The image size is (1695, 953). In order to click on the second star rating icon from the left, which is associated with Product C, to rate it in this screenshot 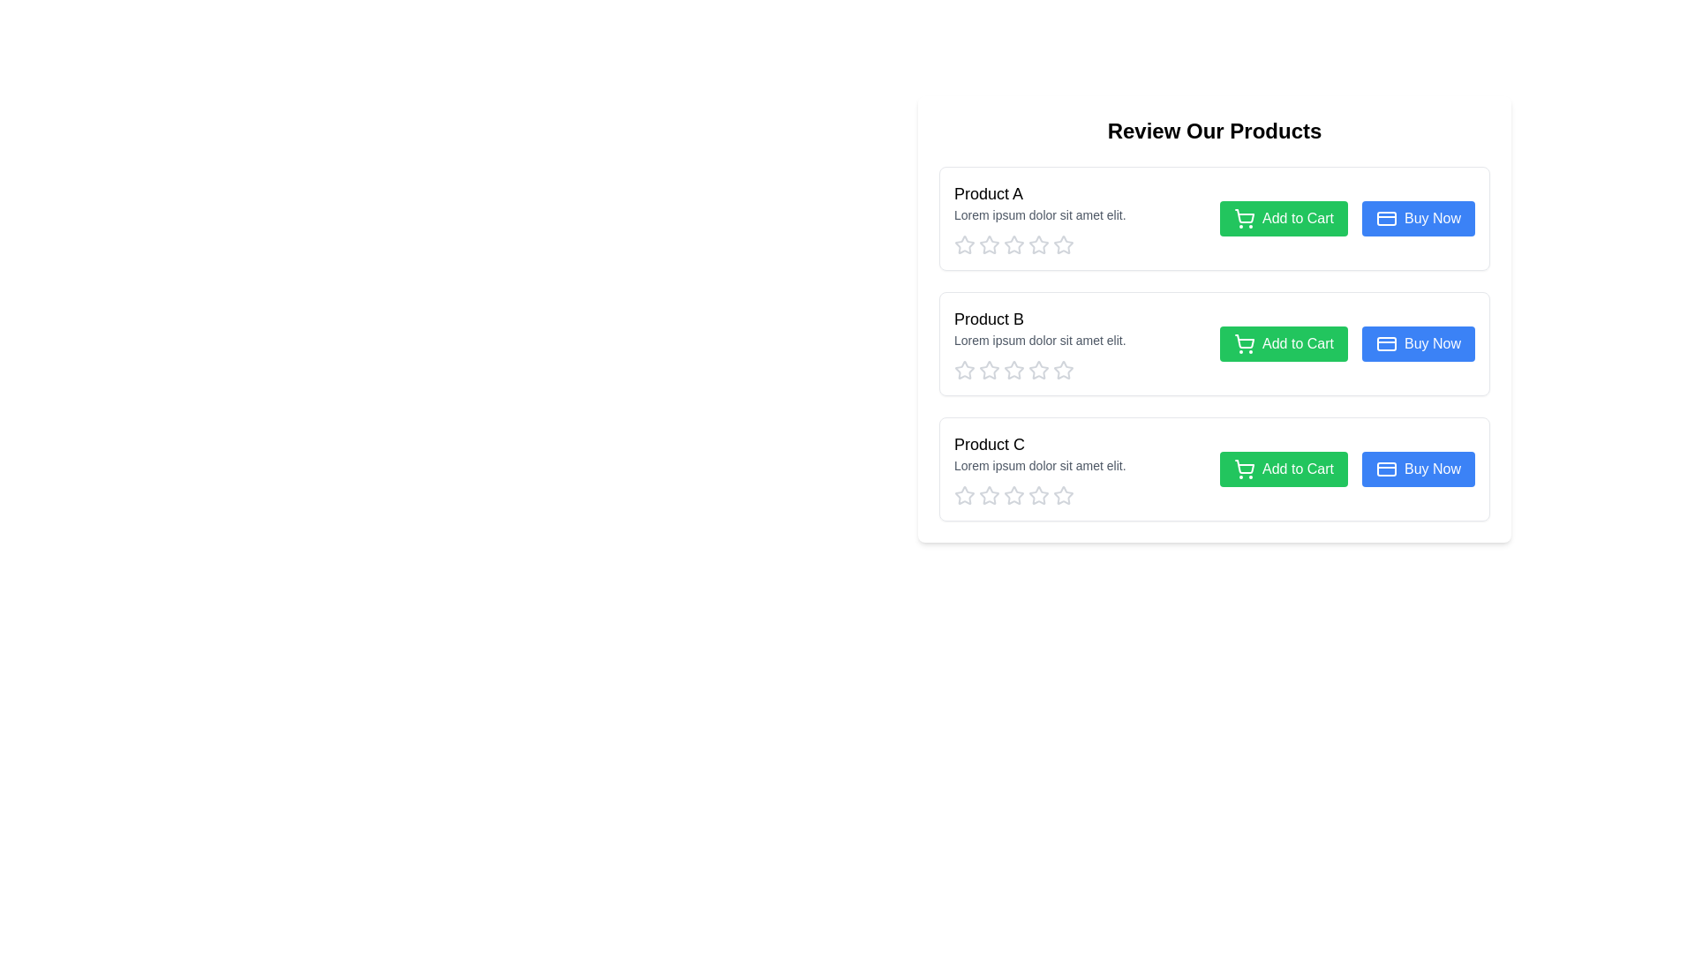, I will do `click(990, 496)`.